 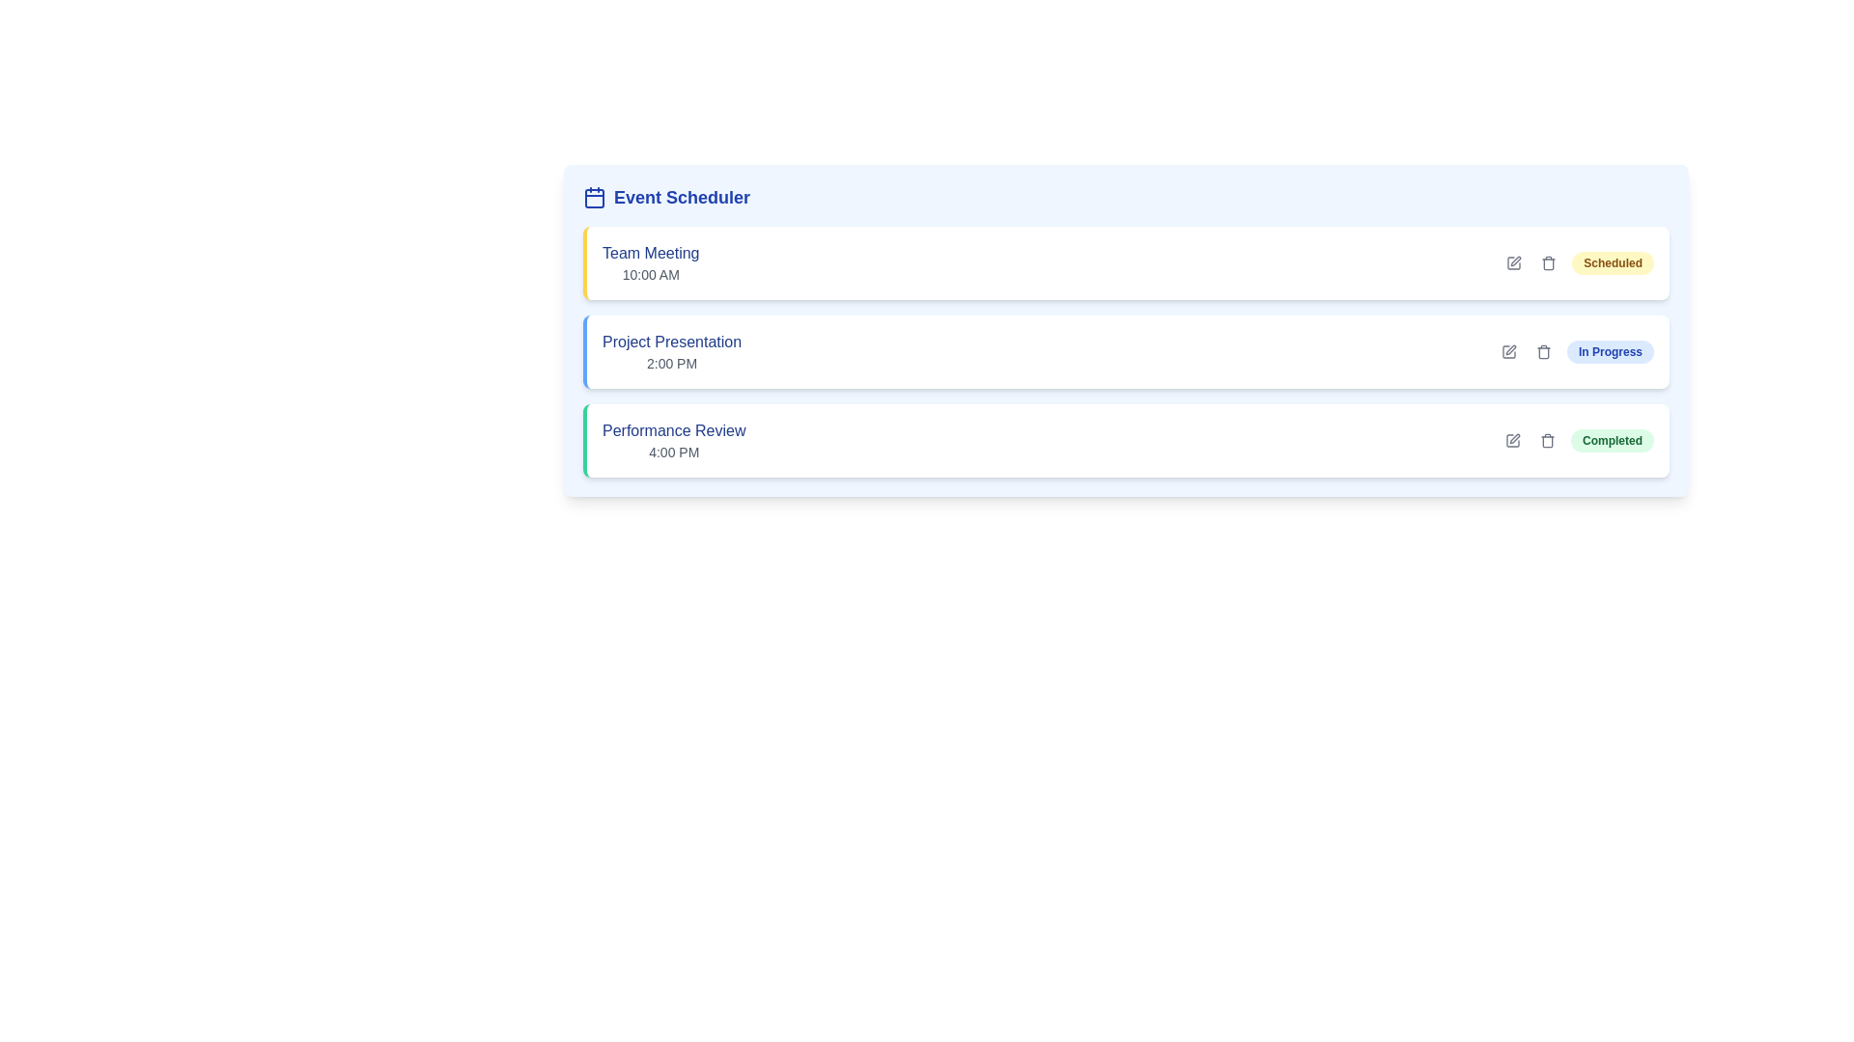 I want to click on 'Team Meeting' text label, which is prominently displayed in bold blue font above the time '10:00 AM' in the event scheduler layout, so click(x=651, y=252).